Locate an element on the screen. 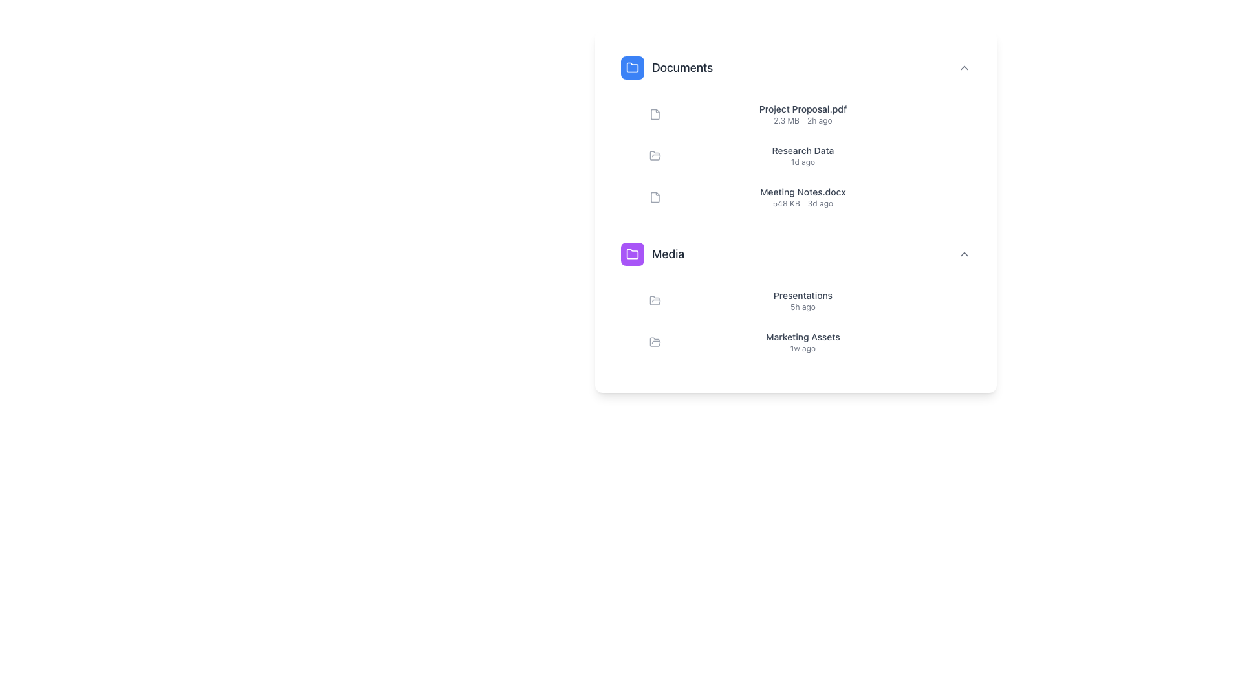 The image size is (1242, 699). the folder icon located to the left of the 'Media' text label in the second section of the vertical list is located at coordinates (633, 254).